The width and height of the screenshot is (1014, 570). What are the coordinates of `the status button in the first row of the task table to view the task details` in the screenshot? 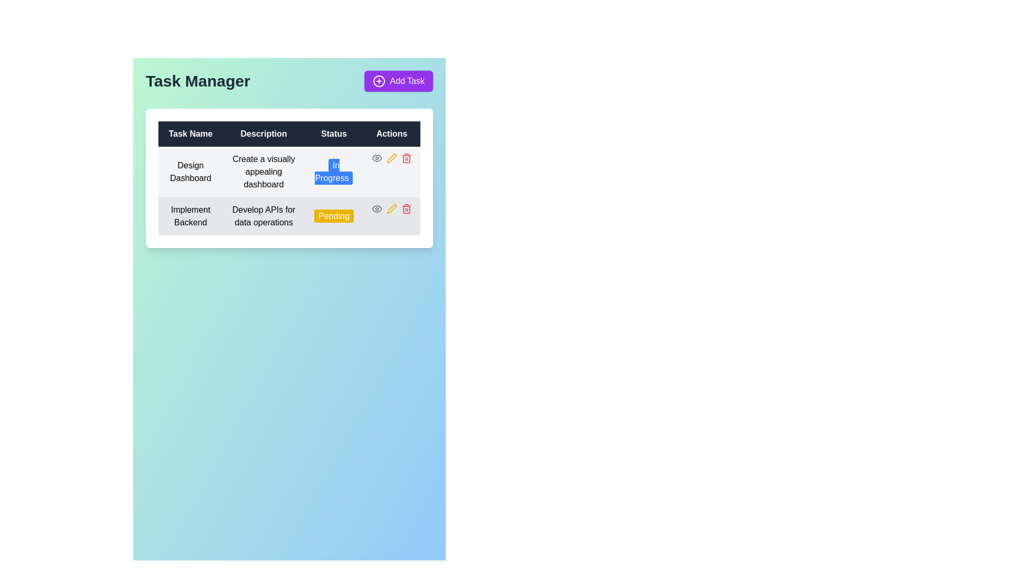 It's located at (289, 191).